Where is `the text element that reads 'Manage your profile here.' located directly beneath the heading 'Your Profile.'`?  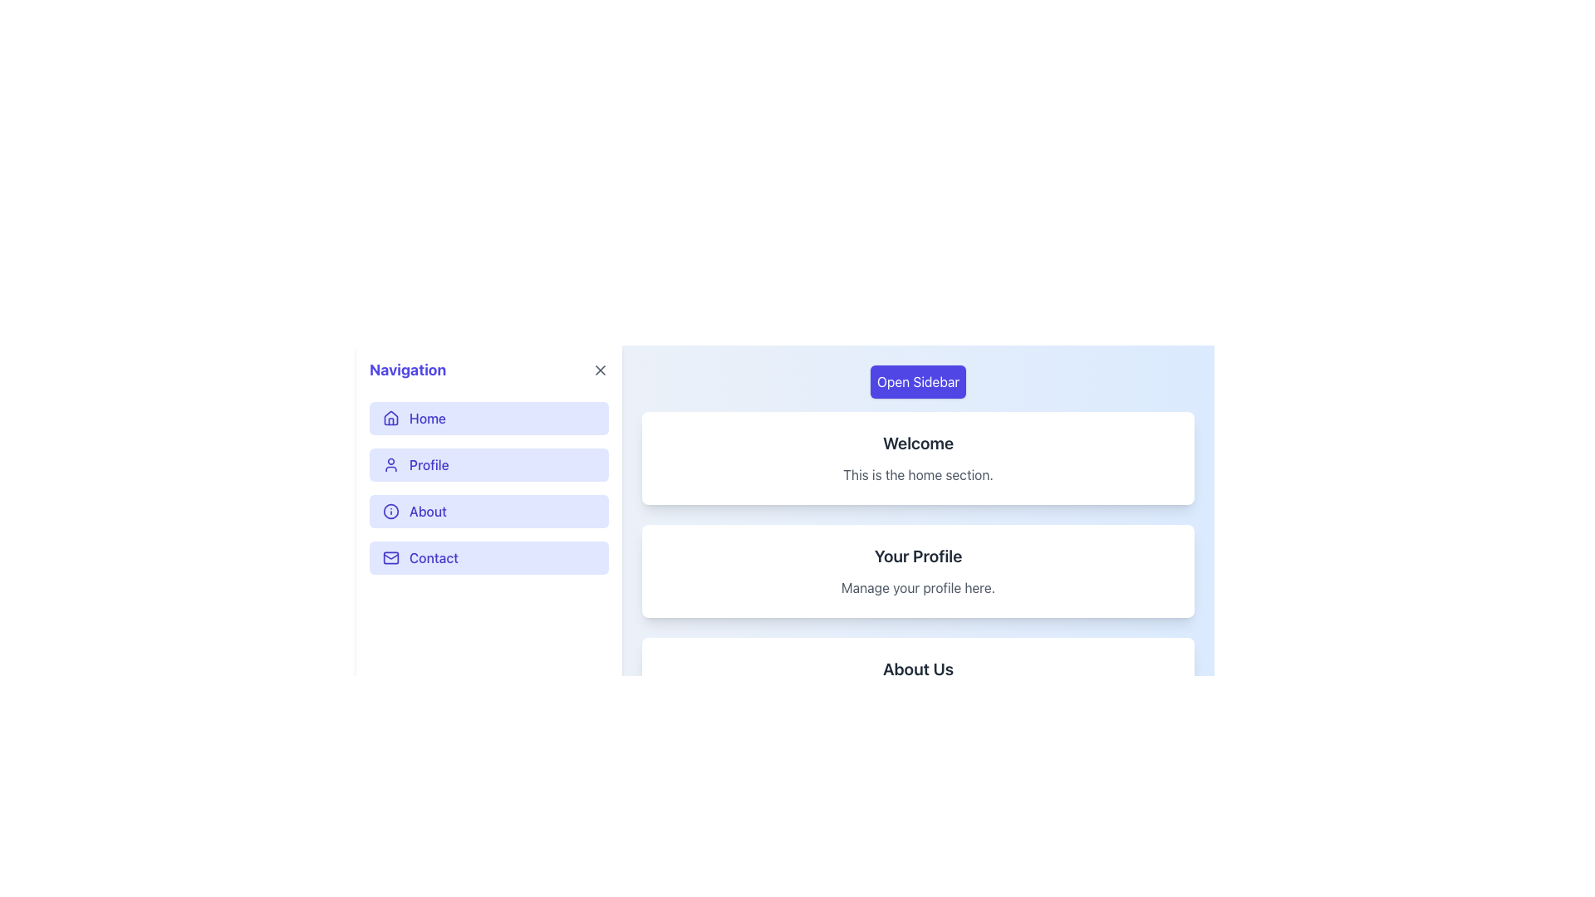
the text element that reads 'Manage your profile here.' located directly beneath the heading 'Your Profile.' is located at coordinates (917, 587).